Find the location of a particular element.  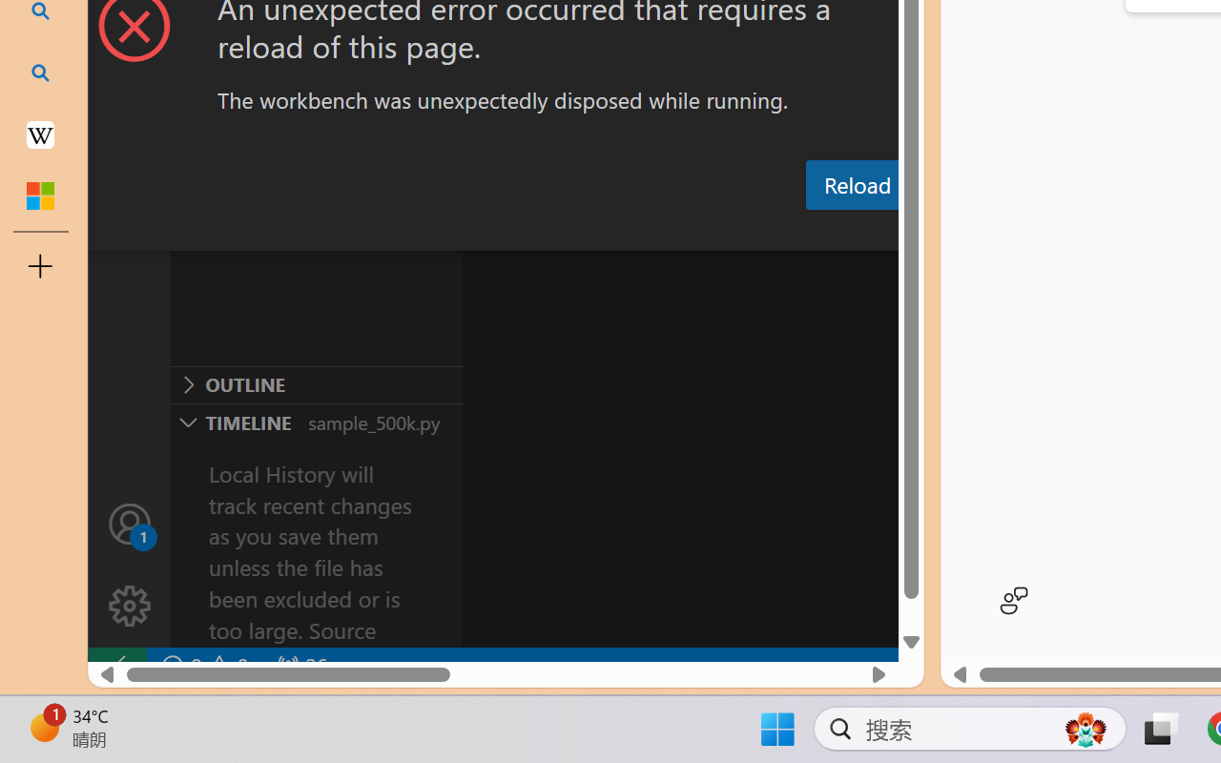

'Timeline Section' is located at coordinates (316, 421).